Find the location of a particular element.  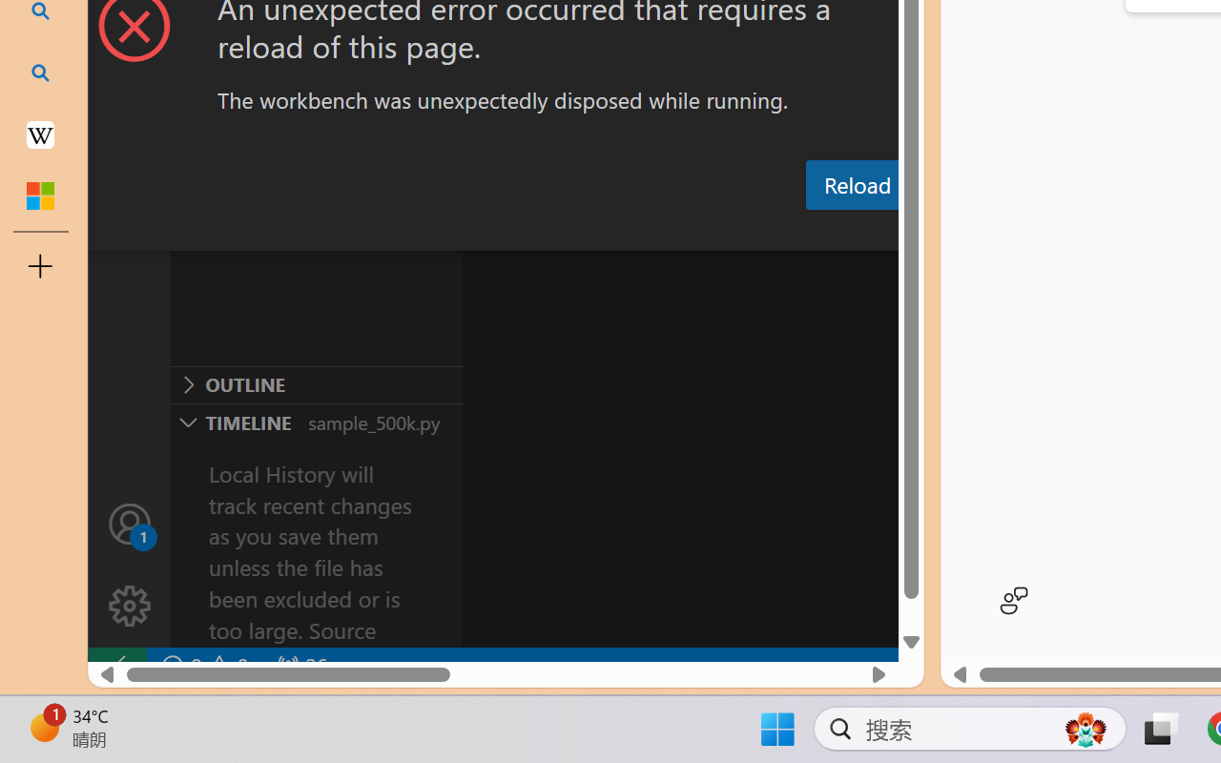

'Timeline Section' is located at coordinates (316, 421).